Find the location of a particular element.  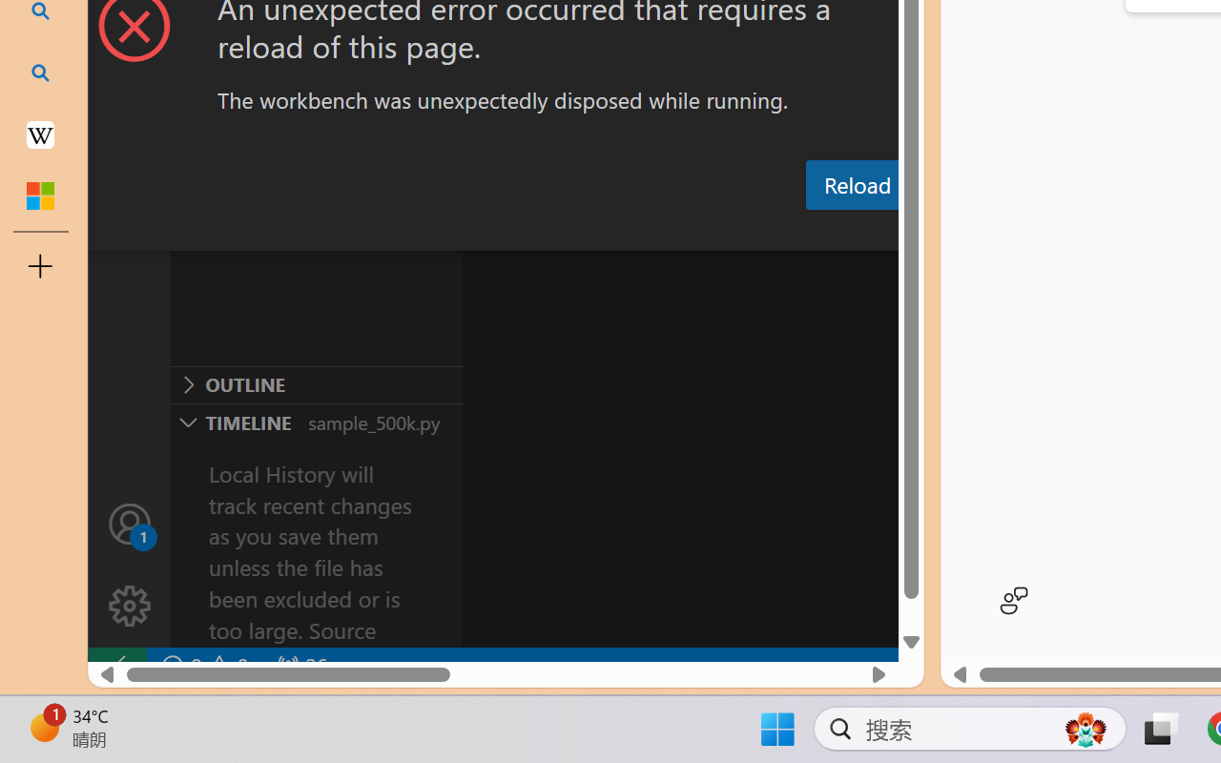

'Timeline Section' is located at coordinates (316, 421).